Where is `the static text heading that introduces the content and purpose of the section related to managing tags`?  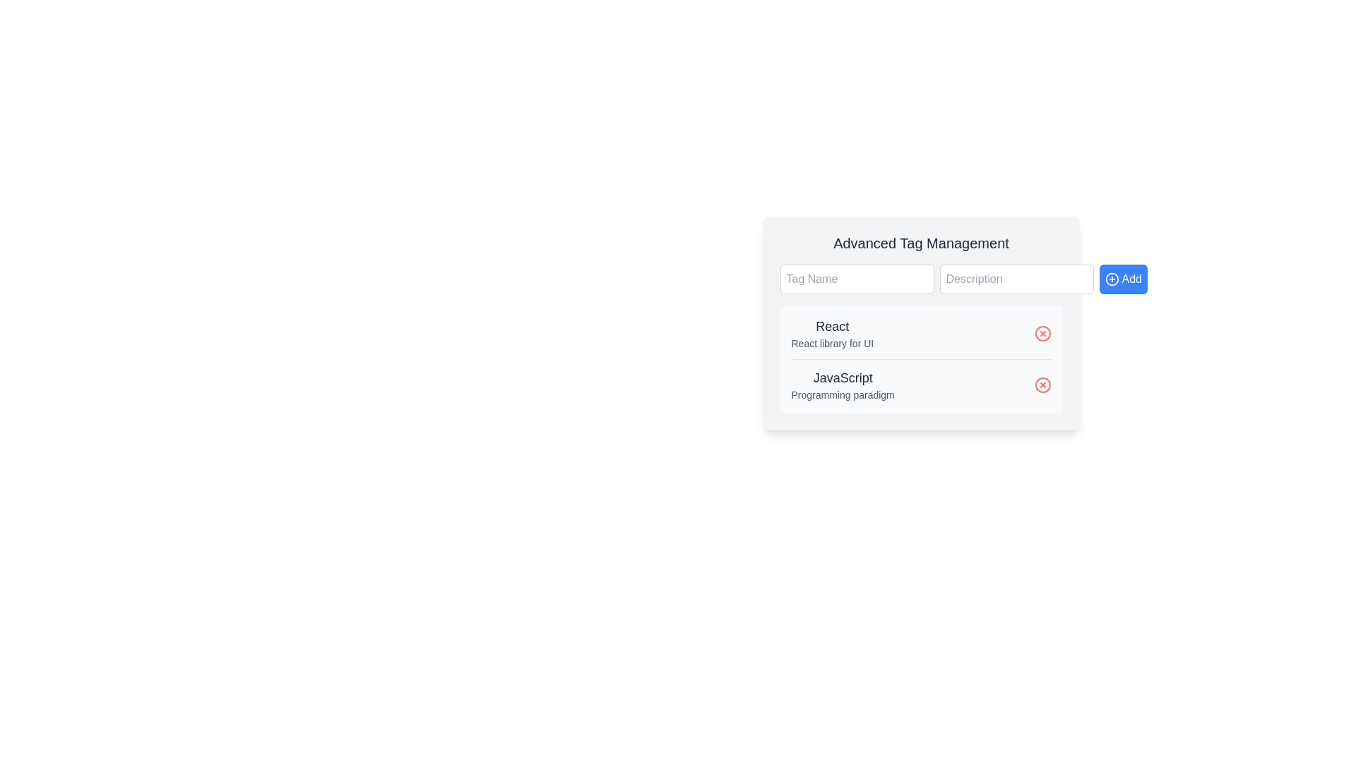
the static text heading that introduces the content and purpose of the section related to managing tags is located at coordinates (921, 242).